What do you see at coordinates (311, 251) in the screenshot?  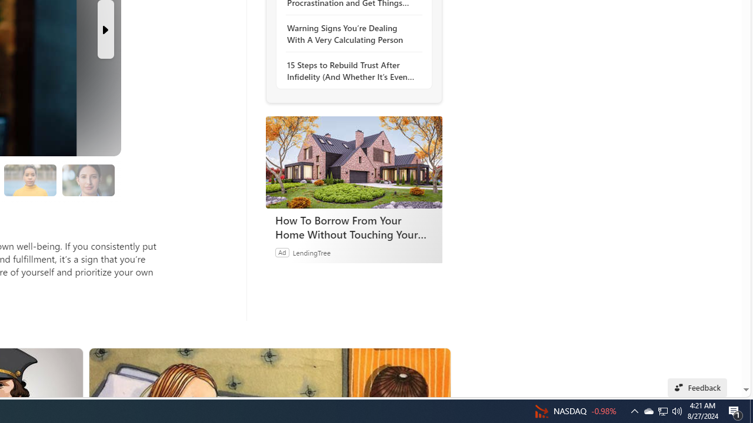 I see `'LendingTree'` at bounding box center [311, 251].